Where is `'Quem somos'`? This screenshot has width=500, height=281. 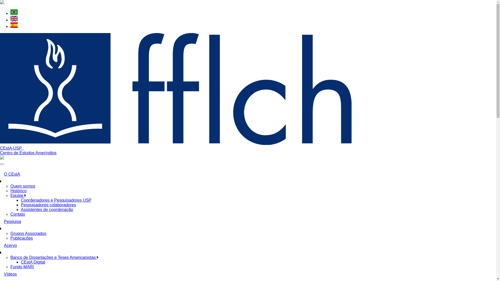
'Quem somos' is located at coordinates (22, 186).